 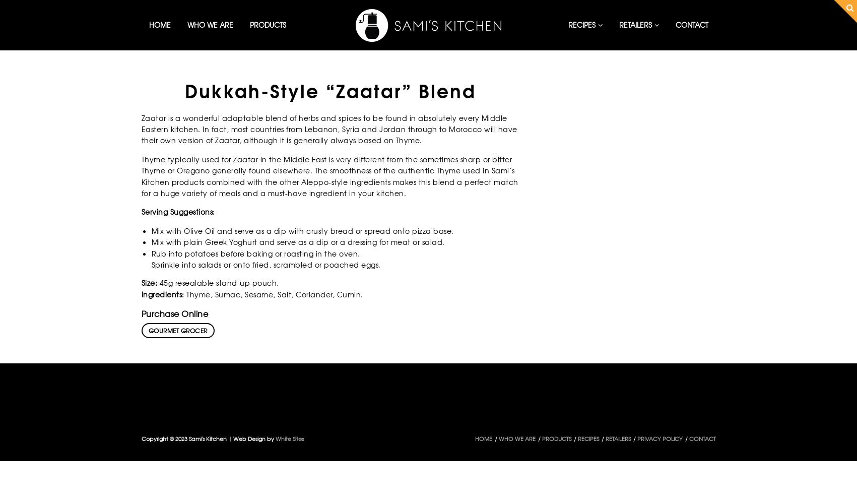 I want to click on 'Dukkah-Style “Zaatar” Blend', so click(x=329, y=90).